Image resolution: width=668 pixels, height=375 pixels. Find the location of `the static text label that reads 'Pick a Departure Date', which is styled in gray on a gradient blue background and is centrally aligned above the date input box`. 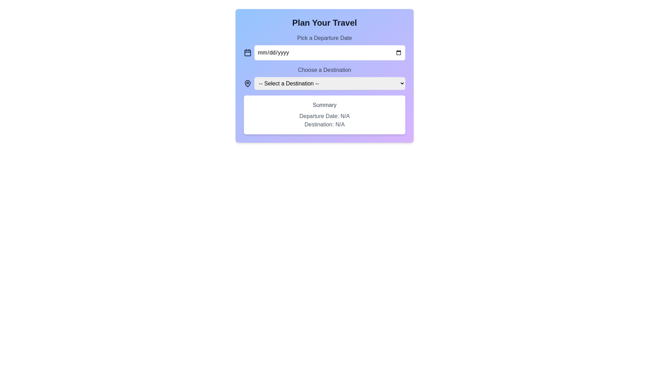

the static text label that reads 'Pick a Departure Date', which is styled in gray on a gradient blue background and is centrally aligned above the date input box is located at coordinates (324, 38).